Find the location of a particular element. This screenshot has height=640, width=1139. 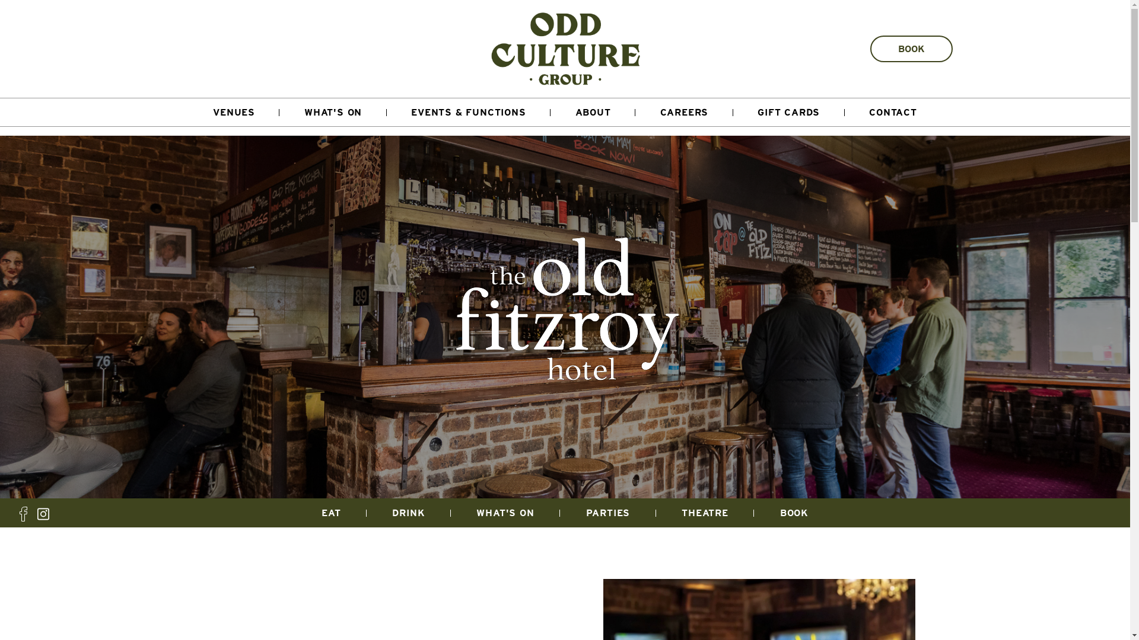

'PARTIES' is located at coordinates (608, 512).